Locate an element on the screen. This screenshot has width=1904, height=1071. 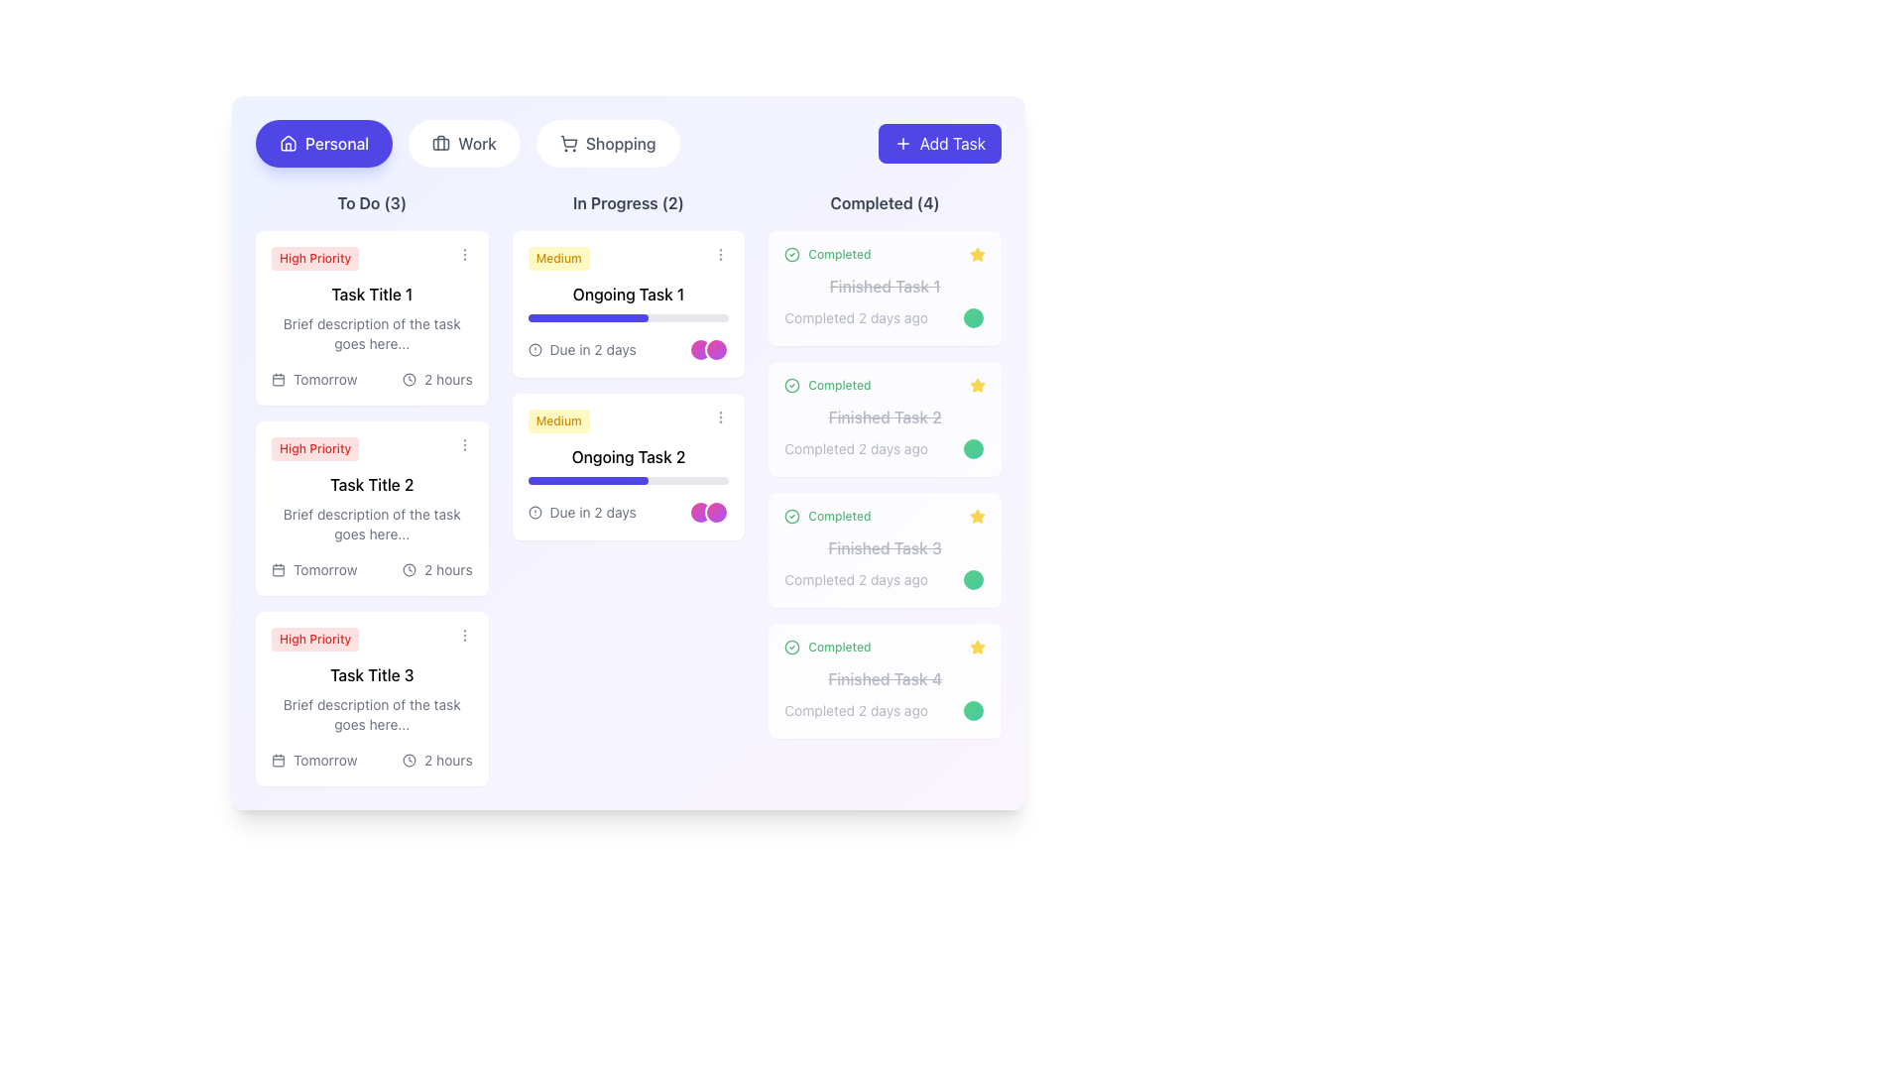
text content of the label displaying 'Completed 2 days ago' located in the 'Completed' section under the task title 'Finished Task 1' is located at coordinates (856, 316).